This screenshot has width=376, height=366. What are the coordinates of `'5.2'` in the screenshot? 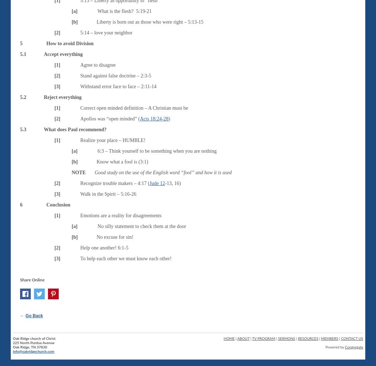 It's located at (23, 96).